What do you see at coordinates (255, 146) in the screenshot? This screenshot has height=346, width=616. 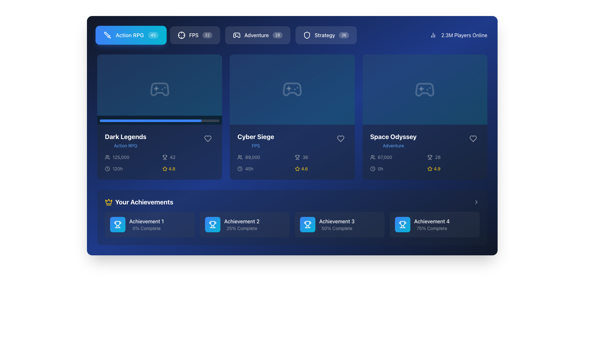 I see `the small text label displaying 'FPS' in light blue color, located below the 'Cyber Siege' text within the central card of three horizontally arranged cards` at bounding box center [255, 146].